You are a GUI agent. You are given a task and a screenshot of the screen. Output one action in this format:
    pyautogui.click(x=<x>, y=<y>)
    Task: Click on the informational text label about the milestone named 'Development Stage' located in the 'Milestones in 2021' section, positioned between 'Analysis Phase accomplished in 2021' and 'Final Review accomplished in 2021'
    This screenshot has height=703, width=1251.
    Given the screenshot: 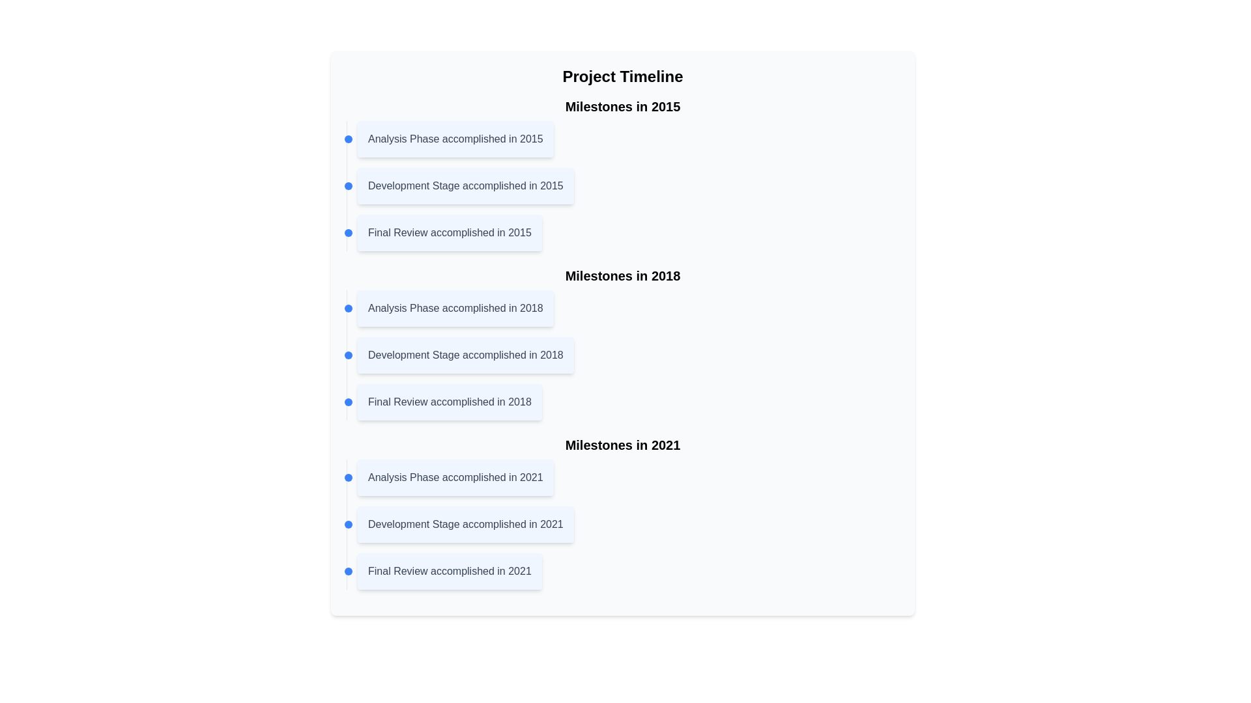 What is the action you would take?
    pyautogui.click(x=465, y=524)
    